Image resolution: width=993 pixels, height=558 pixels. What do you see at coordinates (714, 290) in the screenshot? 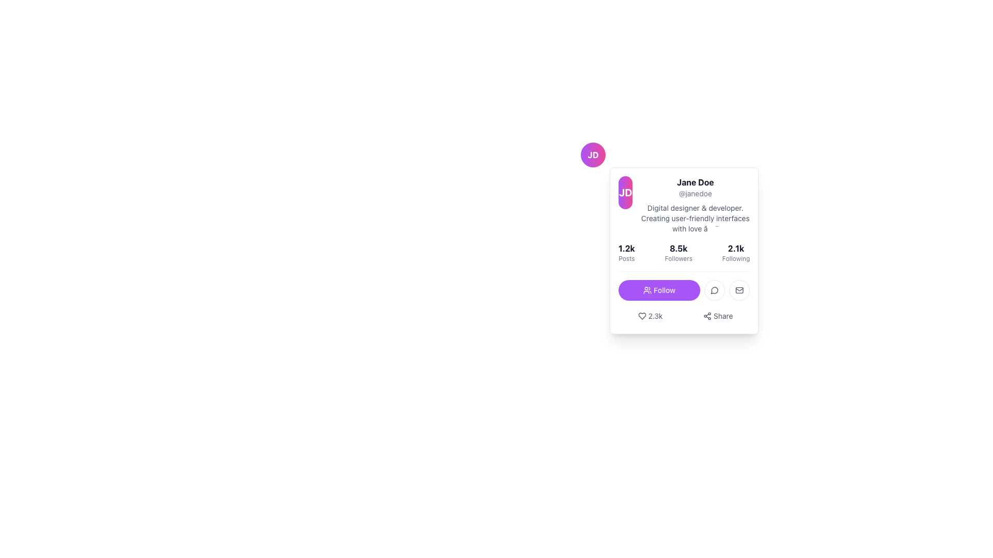
I see `the circular button with a gray border and a white background that contains a speech bubble icon` at bounding box center [714, 290].